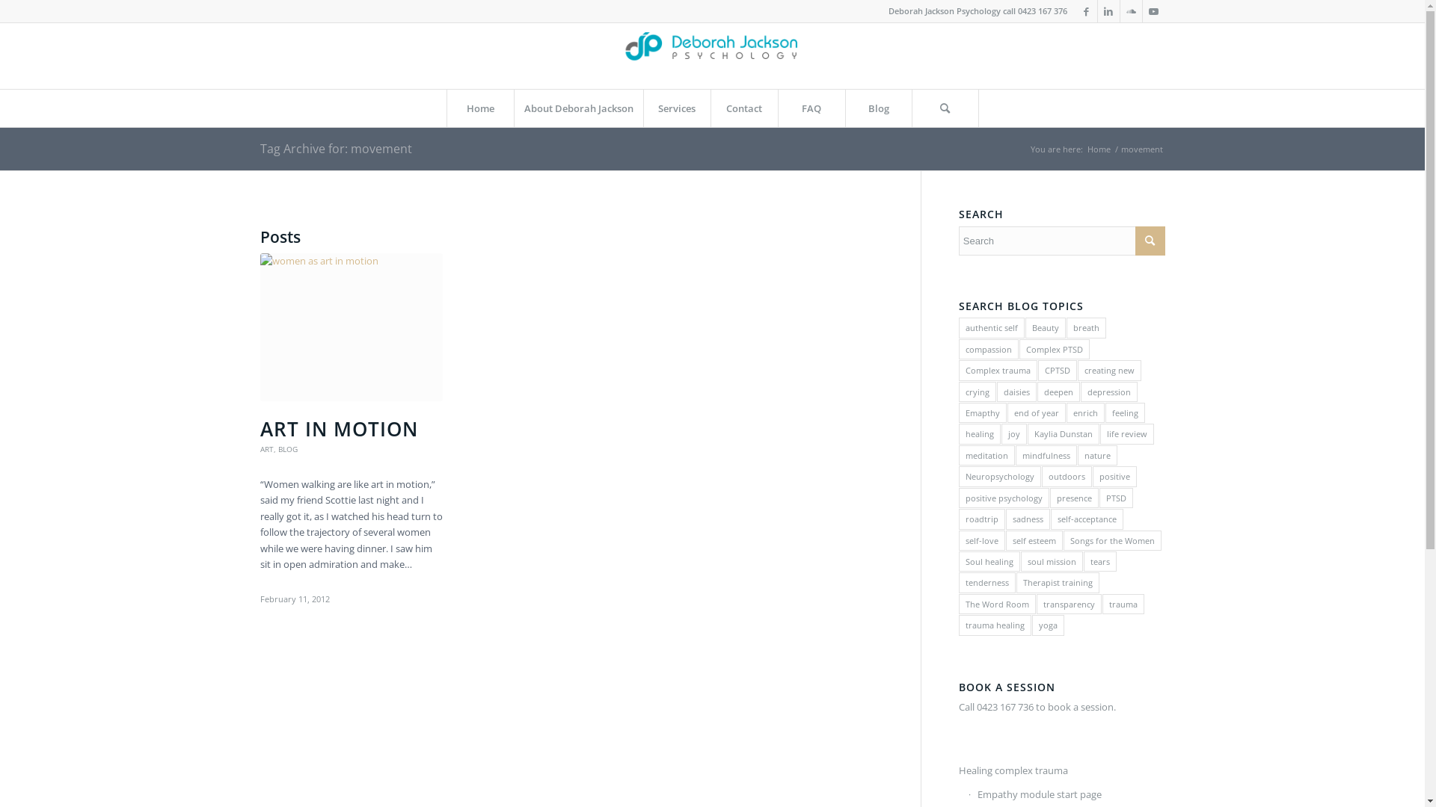 This screenshot has height=807, width=1436. Describe the element at coordinates (1066, 476) in the screenshot. I see `'outdoors'` at that location.